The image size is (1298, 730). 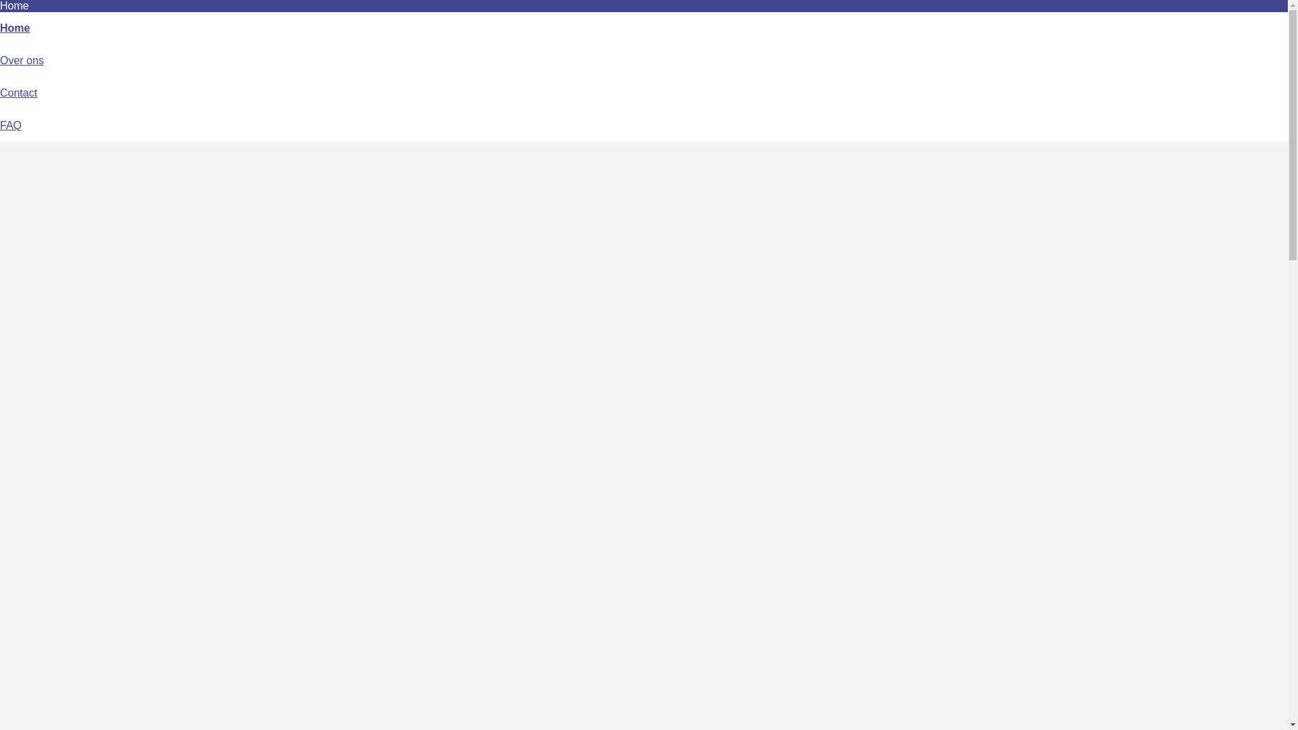 I want to click on 'Over ons', so click(x=22, y=59).